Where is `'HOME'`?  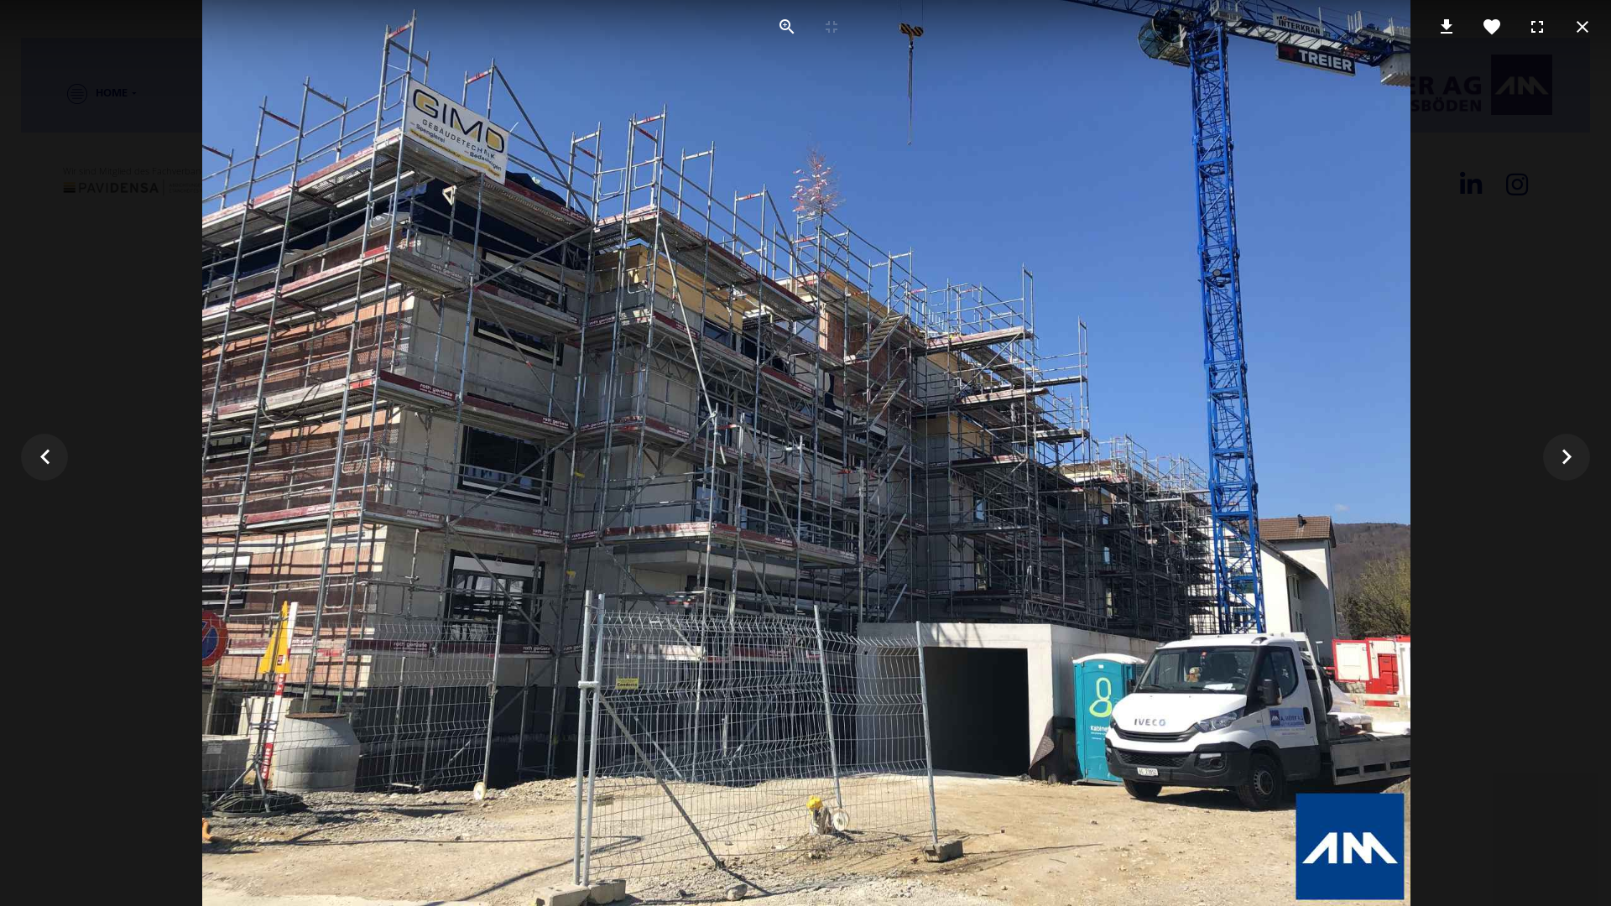 'HOME' is located at coordinates (87, 93).